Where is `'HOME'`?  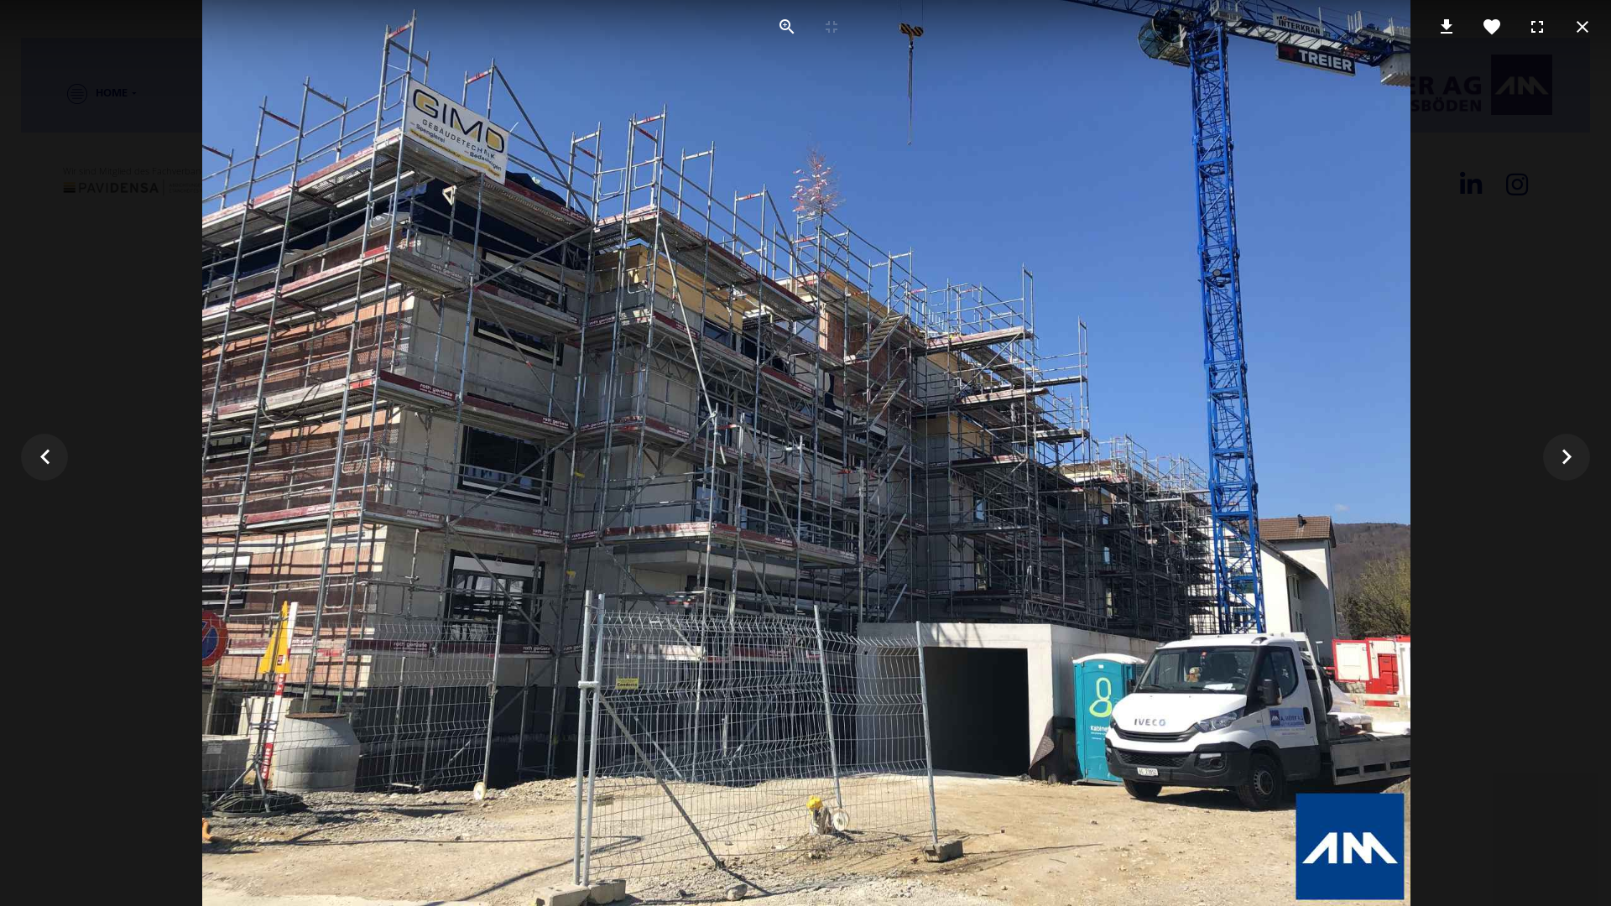 'HOME' is located at coordinates (87, 93).